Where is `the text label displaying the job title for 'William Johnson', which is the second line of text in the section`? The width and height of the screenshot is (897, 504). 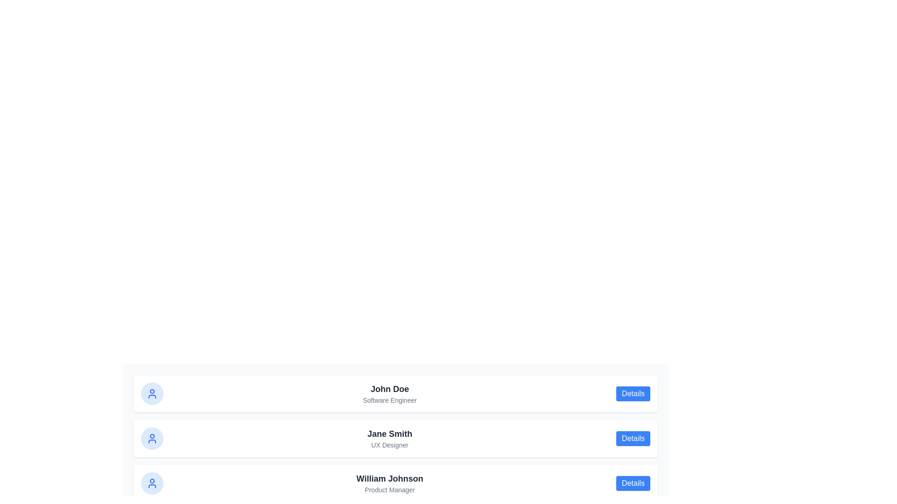
the text label displaying the job title for 'William Johnson', which is the second line of text in the section is located at coordinates (390, 489).